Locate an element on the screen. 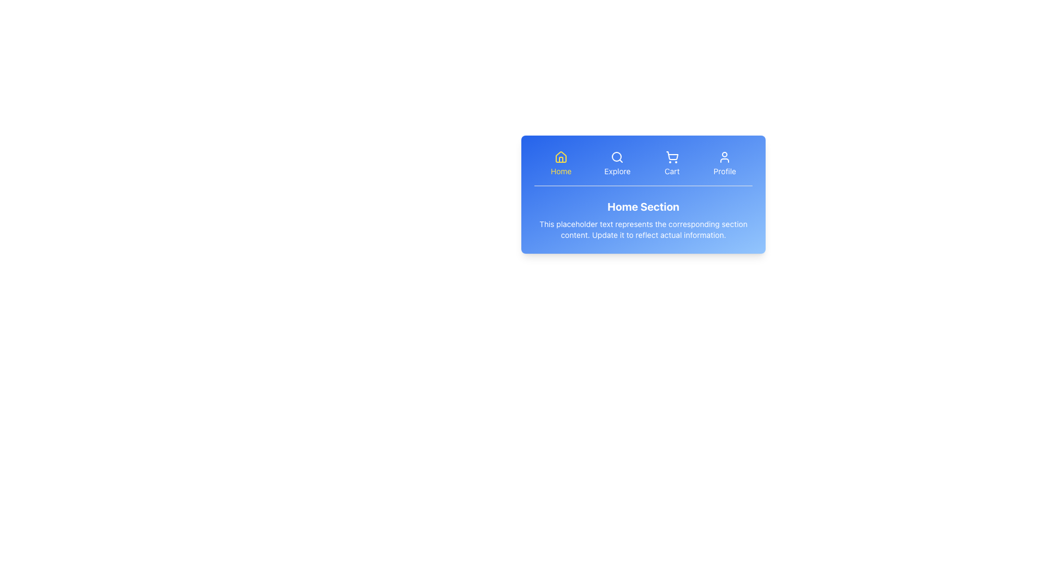  the 'Home' icon located in the top left section of the navigation bar, which serves as a visual indicator for navigating to the home section of the application is located at coordinates (561, 157).